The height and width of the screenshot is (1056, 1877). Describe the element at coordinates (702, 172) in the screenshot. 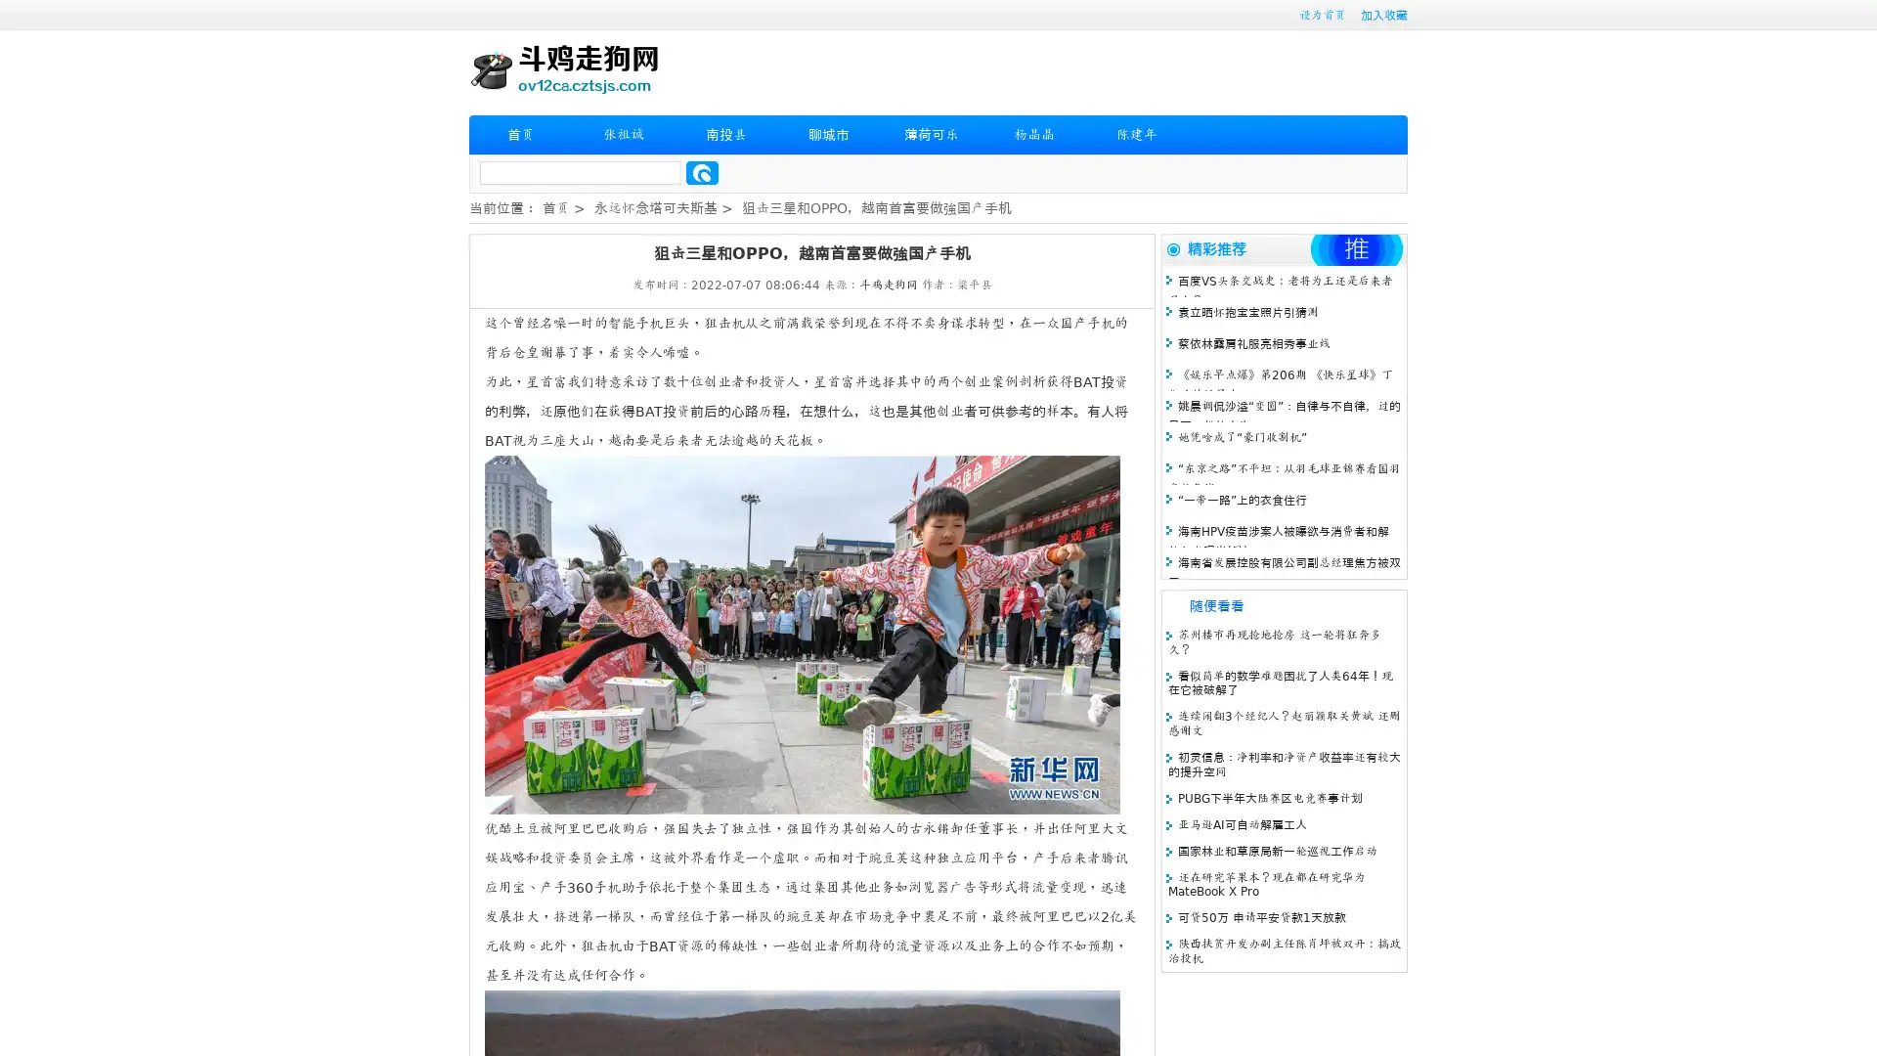

I see `Search` at that location.